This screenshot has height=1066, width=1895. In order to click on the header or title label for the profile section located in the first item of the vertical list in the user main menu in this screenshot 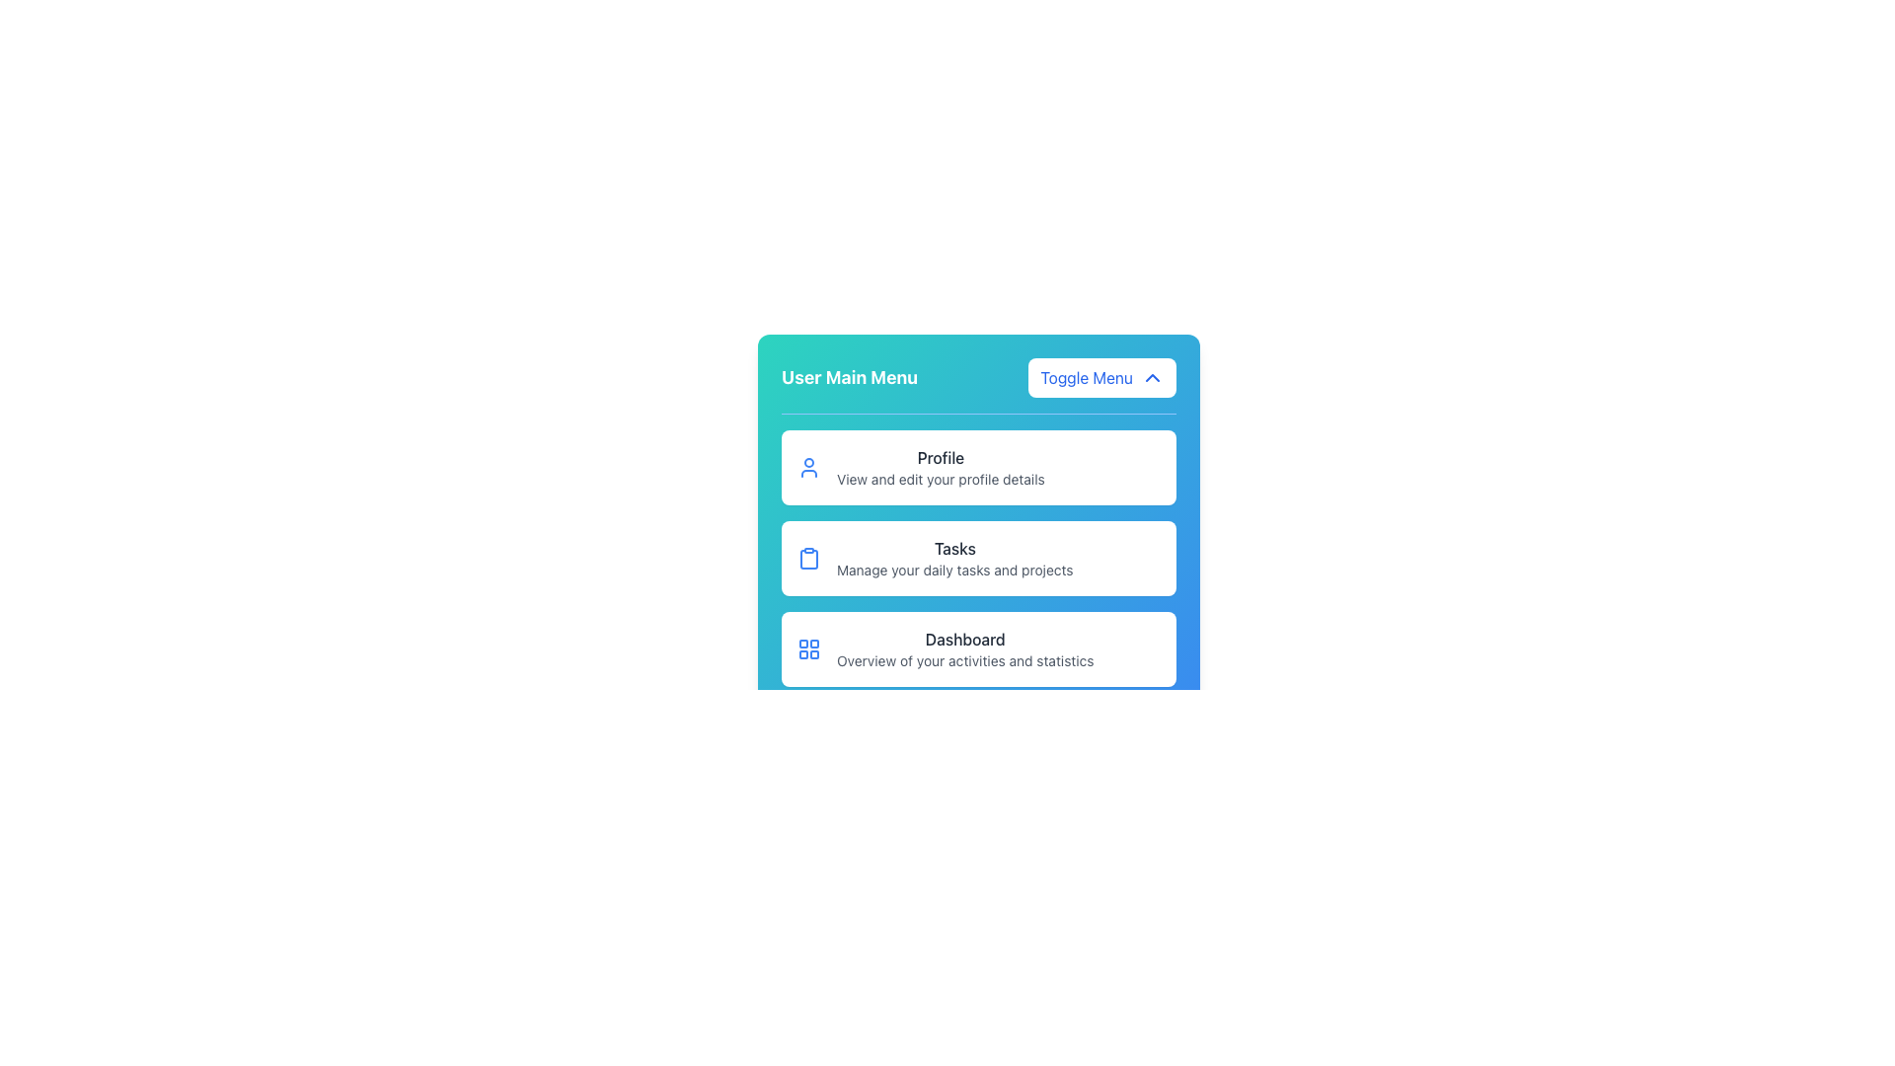, I will do `click(940, 457)`.